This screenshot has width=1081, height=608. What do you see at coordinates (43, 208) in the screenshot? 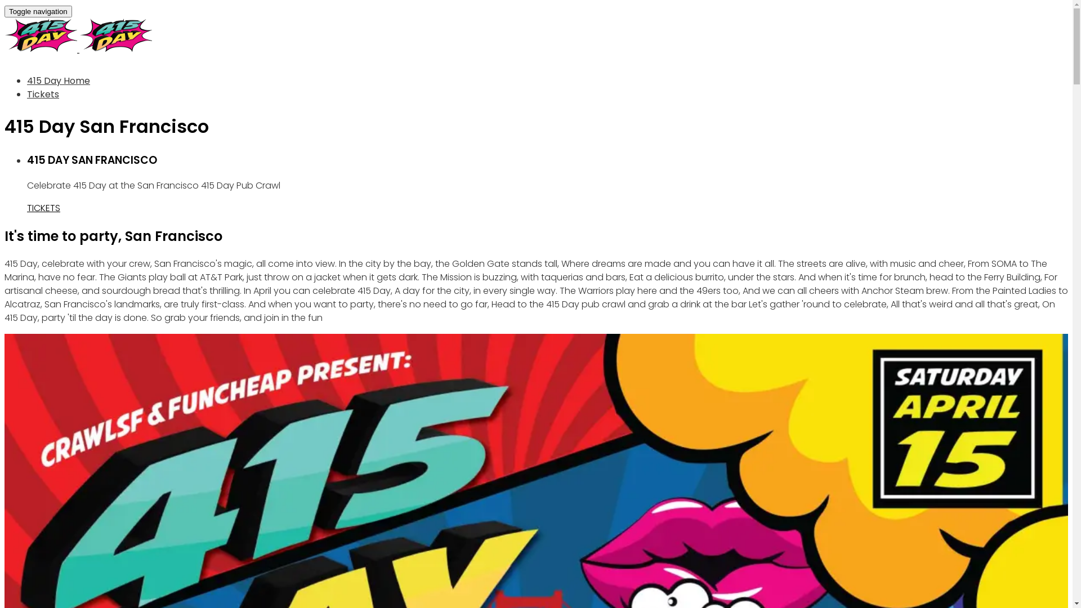
I see `'TICKETS'` at bounding box center [43, 208].